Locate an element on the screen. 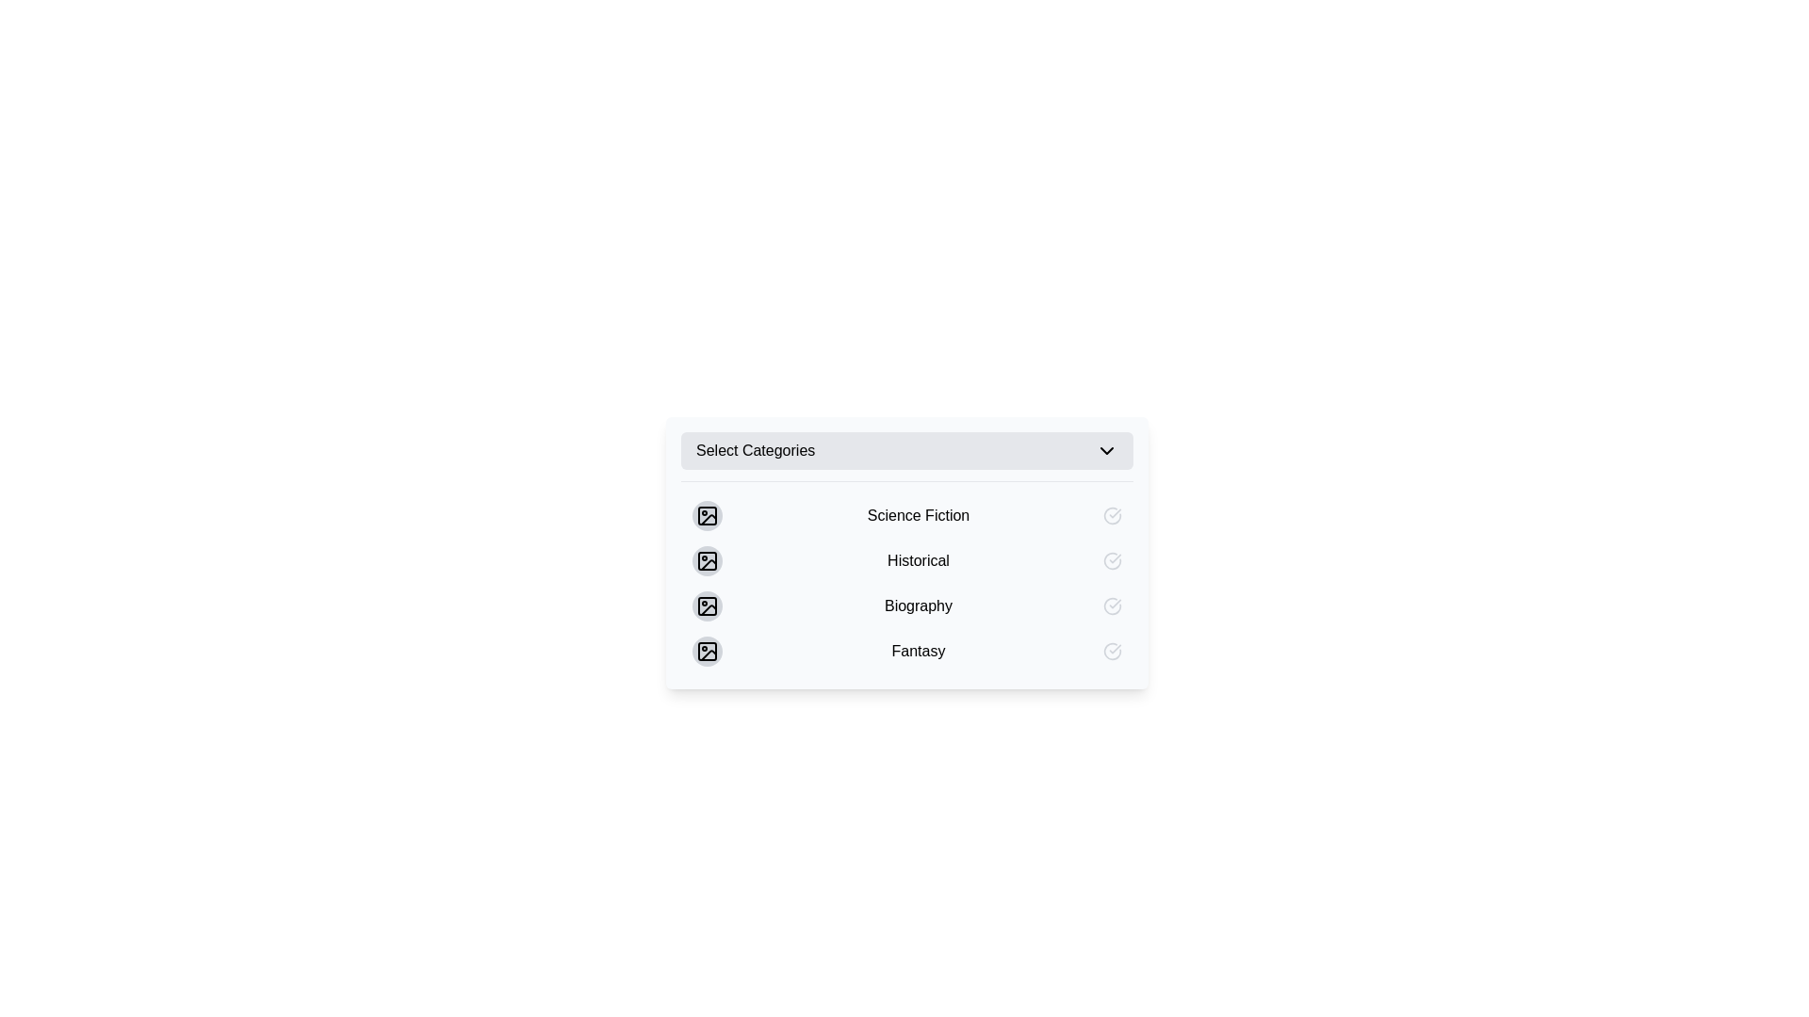 This screenshot has height=1017, width=1809. the third list item under the 'Select Categories' section, which has an icon, text, and a checkmark, to bring up a context menu is located at coordinates (907, 606).